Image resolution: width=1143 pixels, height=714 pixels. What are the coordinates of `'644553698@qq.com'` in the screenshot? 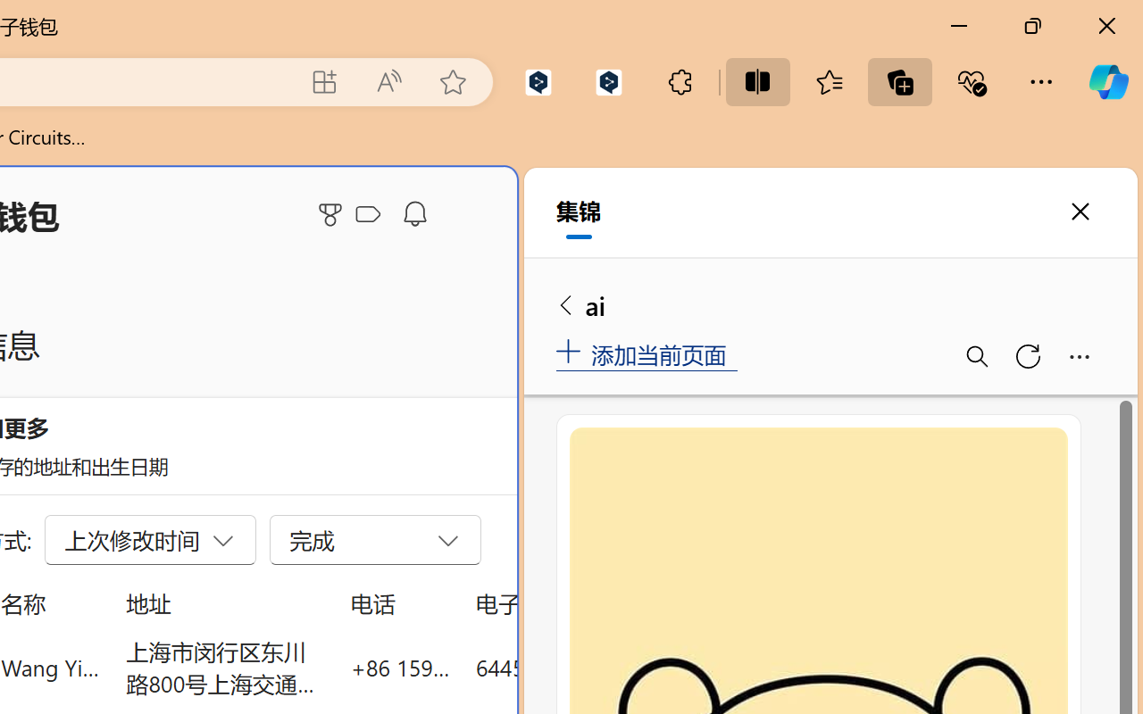 It's located at (575, 667).